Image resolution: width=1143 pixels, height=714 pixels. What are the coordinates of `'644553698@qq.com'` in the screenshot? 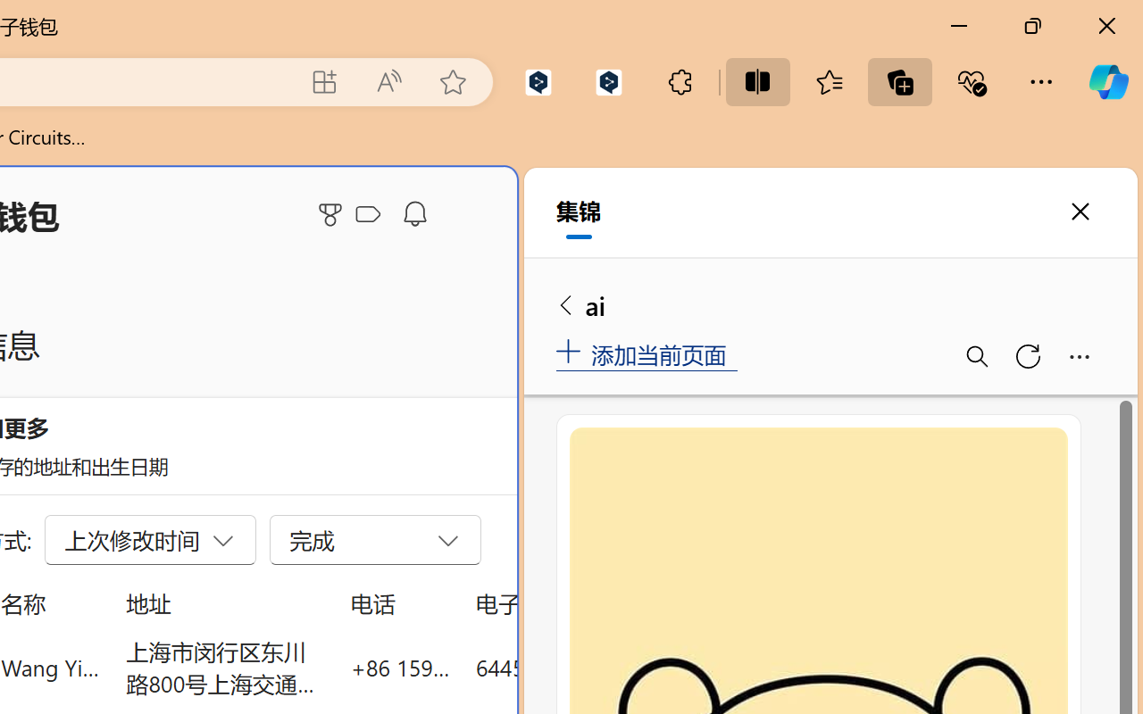 It's located at (575, 667).